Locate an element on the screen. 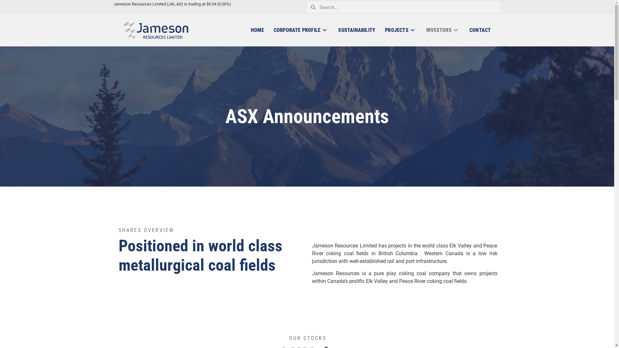  'CONTACT' is located at coordinates (477, 30).